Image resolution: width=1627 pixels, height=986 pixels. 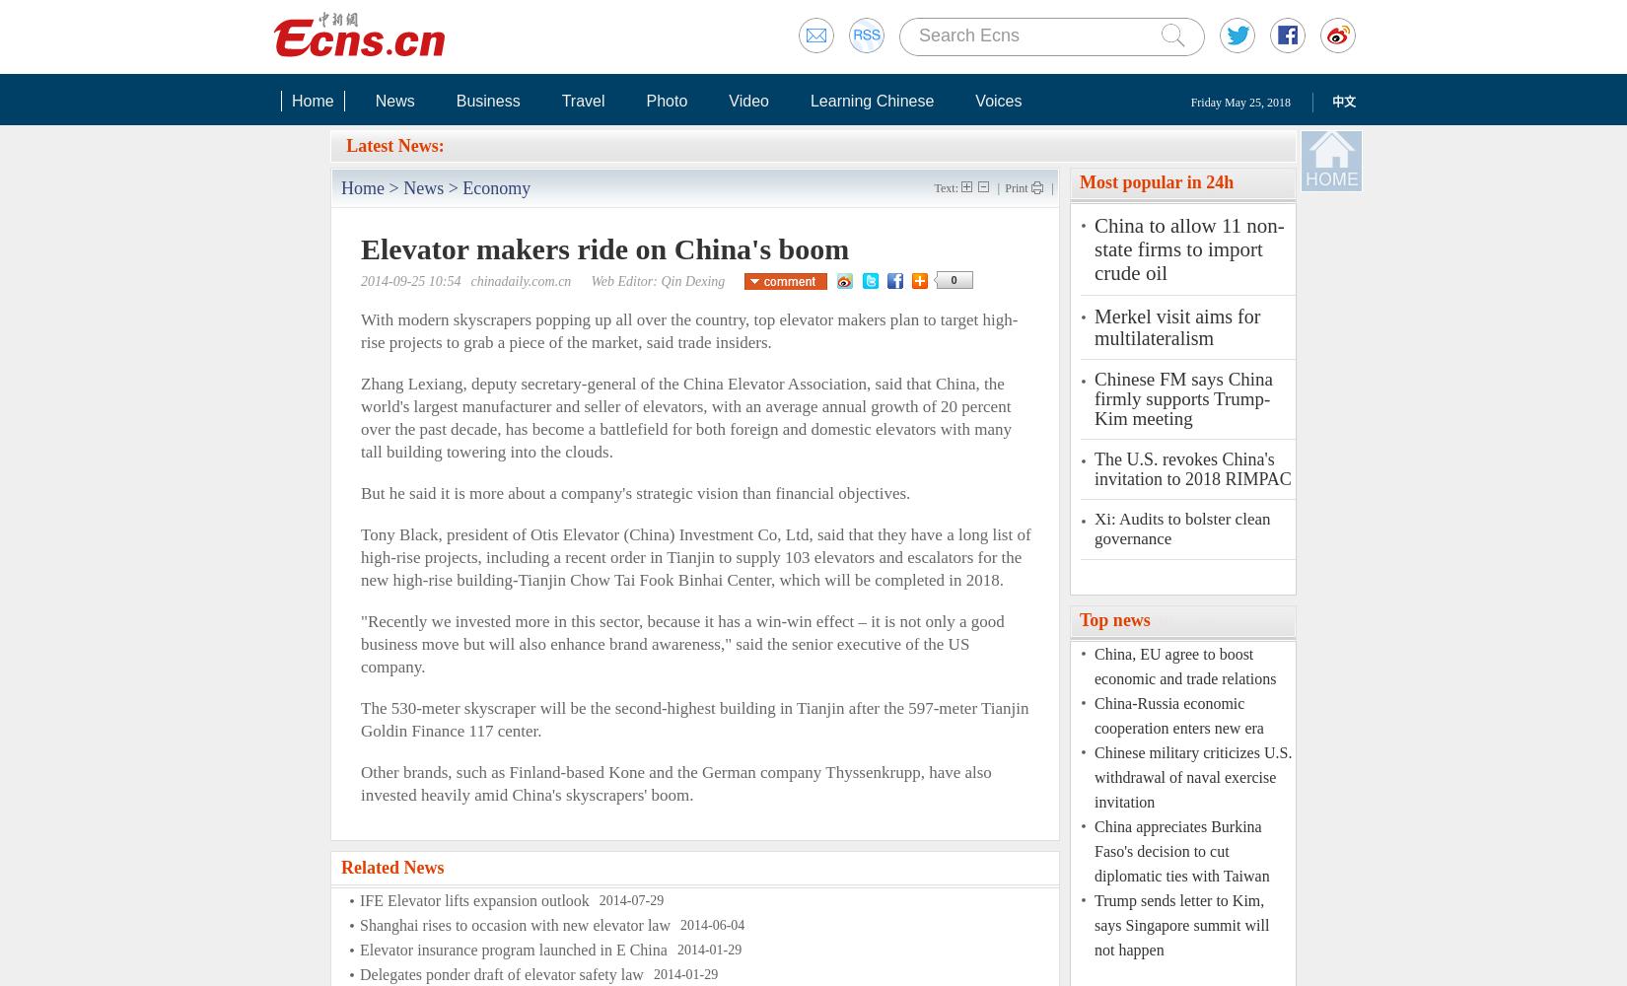 I want to click on 'Travel', so click(x=582, y=100).